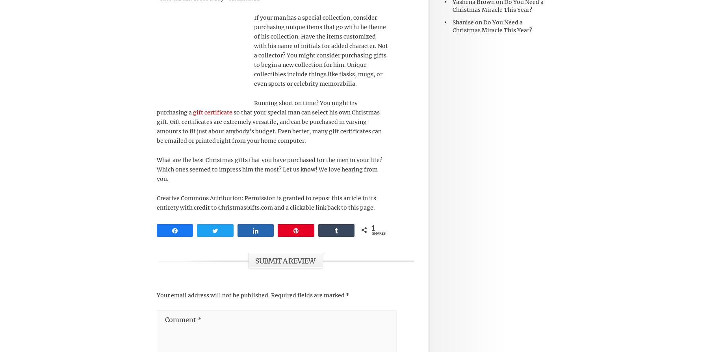  Describe the element at coordinates (284, 260) in the screenshot. I see `'Submit a Review'` at that location.